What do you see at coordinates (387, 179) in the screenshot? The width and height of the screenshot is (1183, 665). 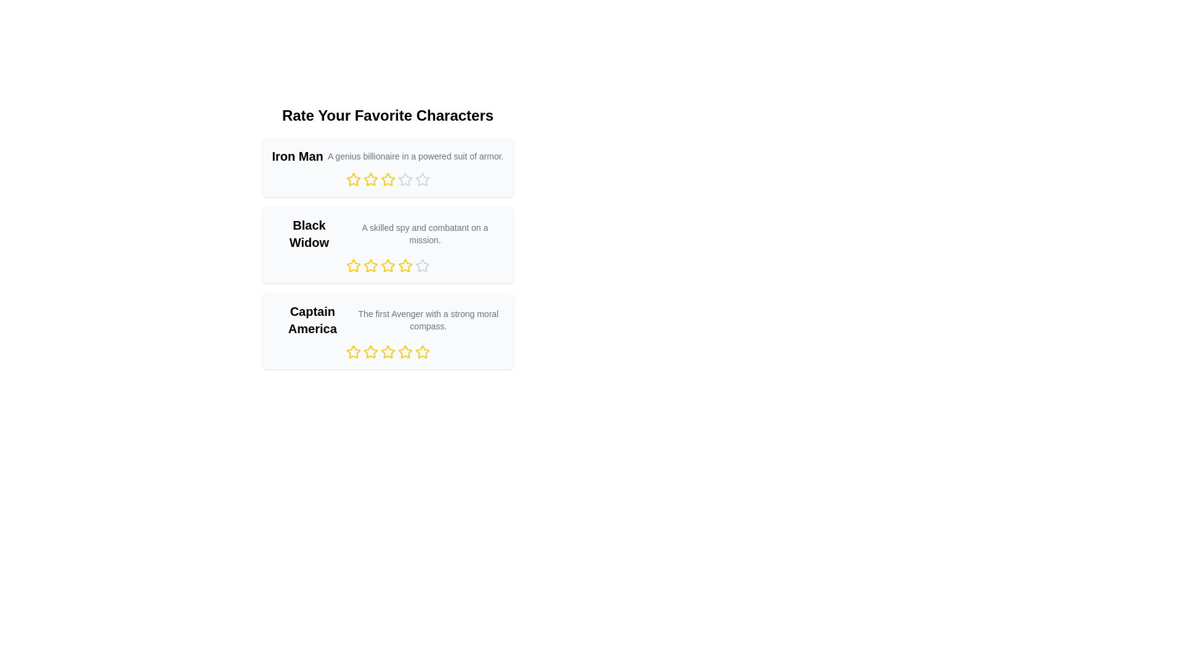 I see `the second star-shaped rating icon in the rating component for 'Iron Man' to set a rating of 2` at bounding box center [387, 179].